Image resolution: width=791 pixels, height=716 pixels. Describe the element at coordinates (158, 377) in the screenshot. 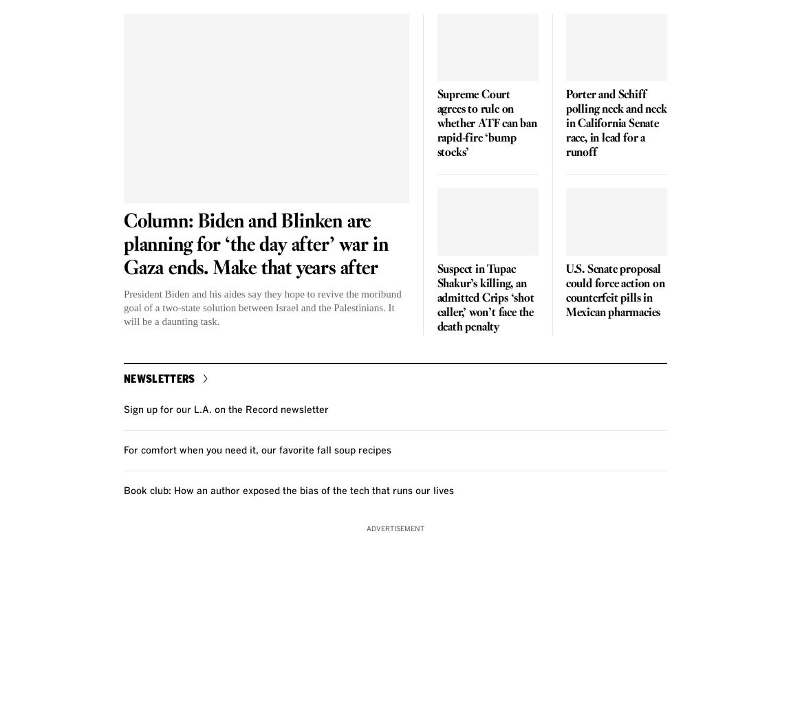

I see `'Newsletters'` at that location.